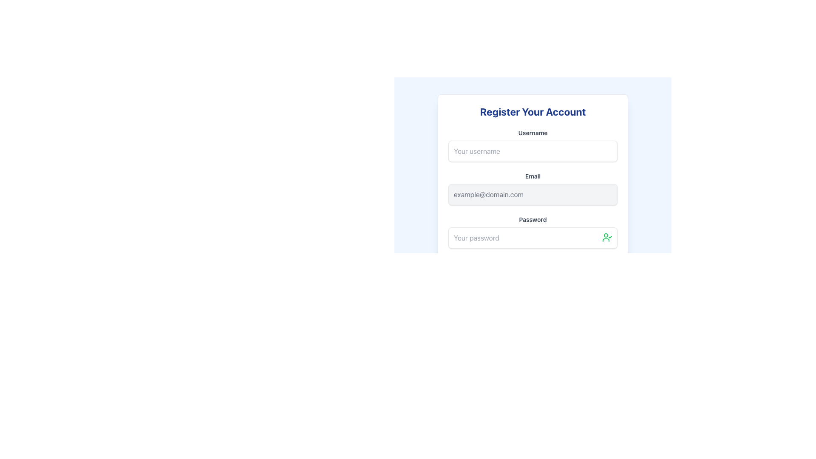 The width and height of the screenshot is (816, 459). I want to click on the Static Text Header at the top of the registration form, which indicates the user is on the registration page, so click(532, 111).